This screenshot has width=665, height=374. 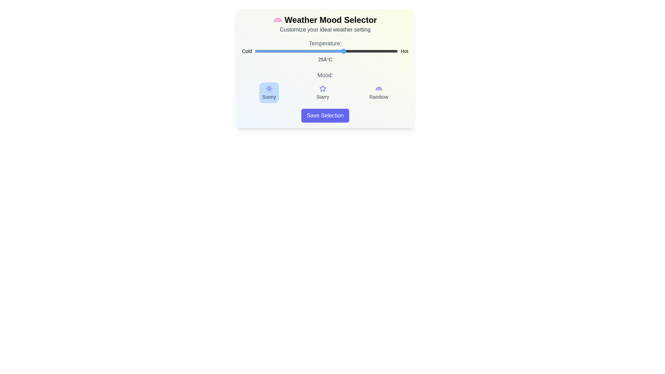 What do you see at coordinates (325, 115) in the screenshot?
I see `'Save Selection' button to register the settings` at bounding box center [325, 115].